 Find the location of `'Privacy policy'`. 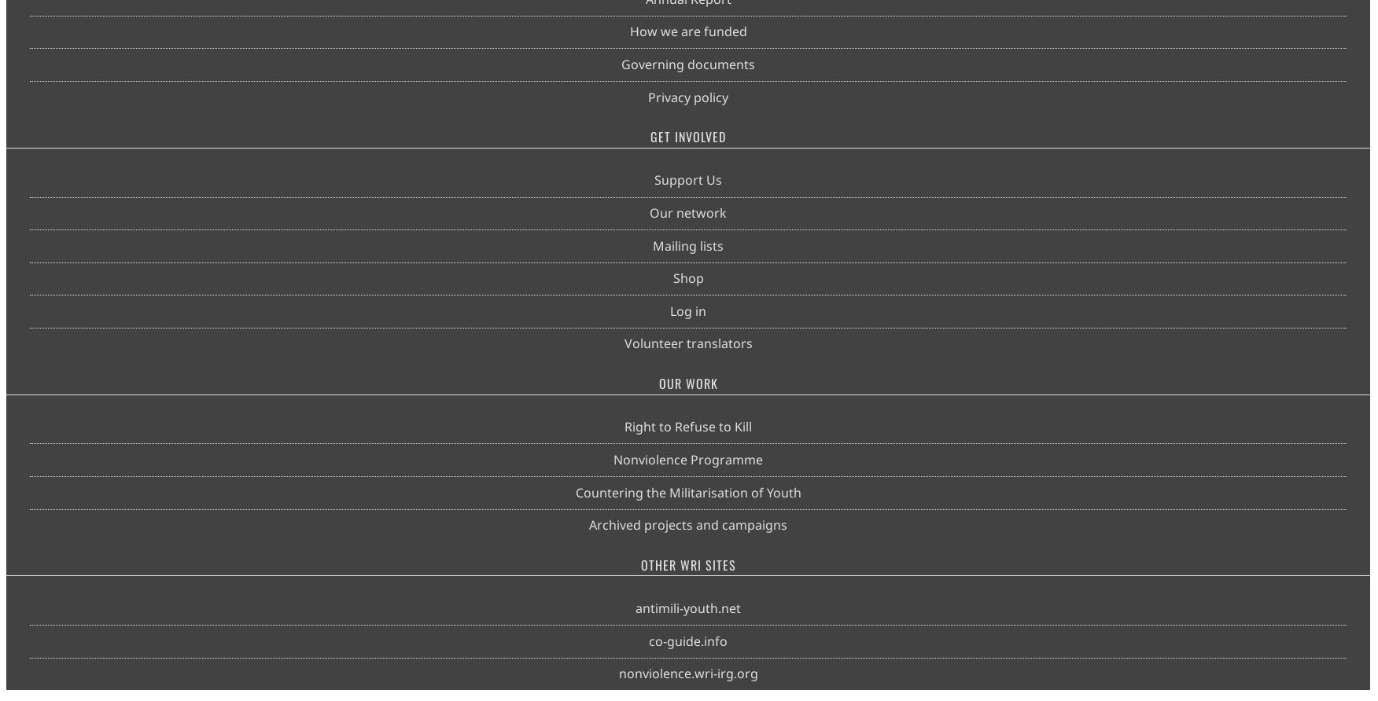

'Privacy policy' is located at coordinates (687, 96).